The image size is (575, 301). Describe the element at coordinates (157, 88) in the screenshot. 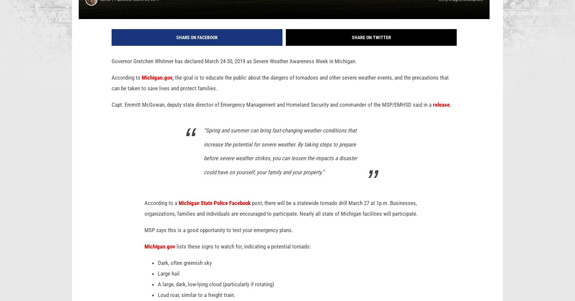

I see `'Michigan.gov,'` at that location.